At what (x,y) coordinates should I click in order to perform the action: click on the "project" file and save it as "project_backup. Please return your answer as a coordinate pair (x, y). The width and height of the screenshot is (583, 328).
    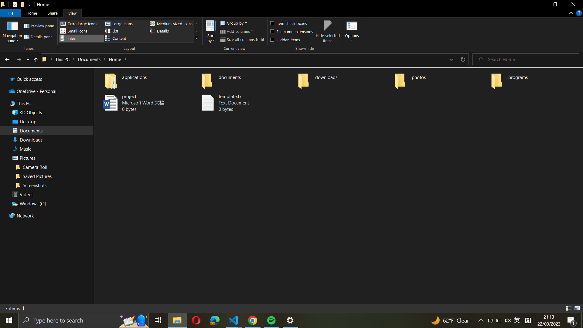
    Looking at the image, I should click on (145, 103).